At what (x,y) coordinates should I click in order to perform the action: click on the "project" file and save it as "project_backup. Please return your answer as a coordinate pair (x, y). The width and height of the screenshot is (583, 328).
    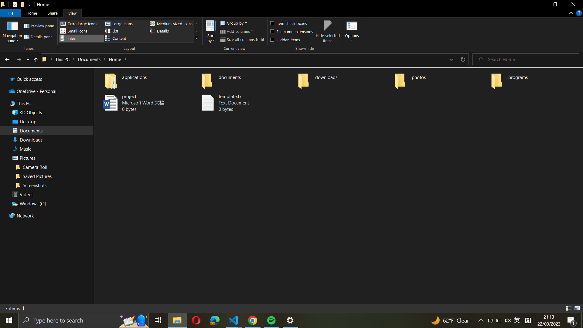
    Looking at the image, I should click on (145, 103).